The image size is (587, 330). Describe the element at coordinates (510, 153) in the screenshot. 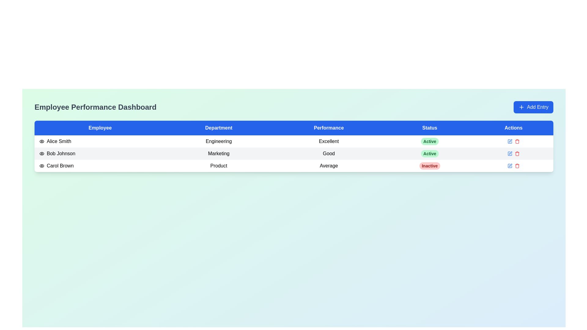

I see `the blue edit icon represented as a pen symbol in the 'Actions' column next to Bob Johnson's entry to observe a color change` at that location.